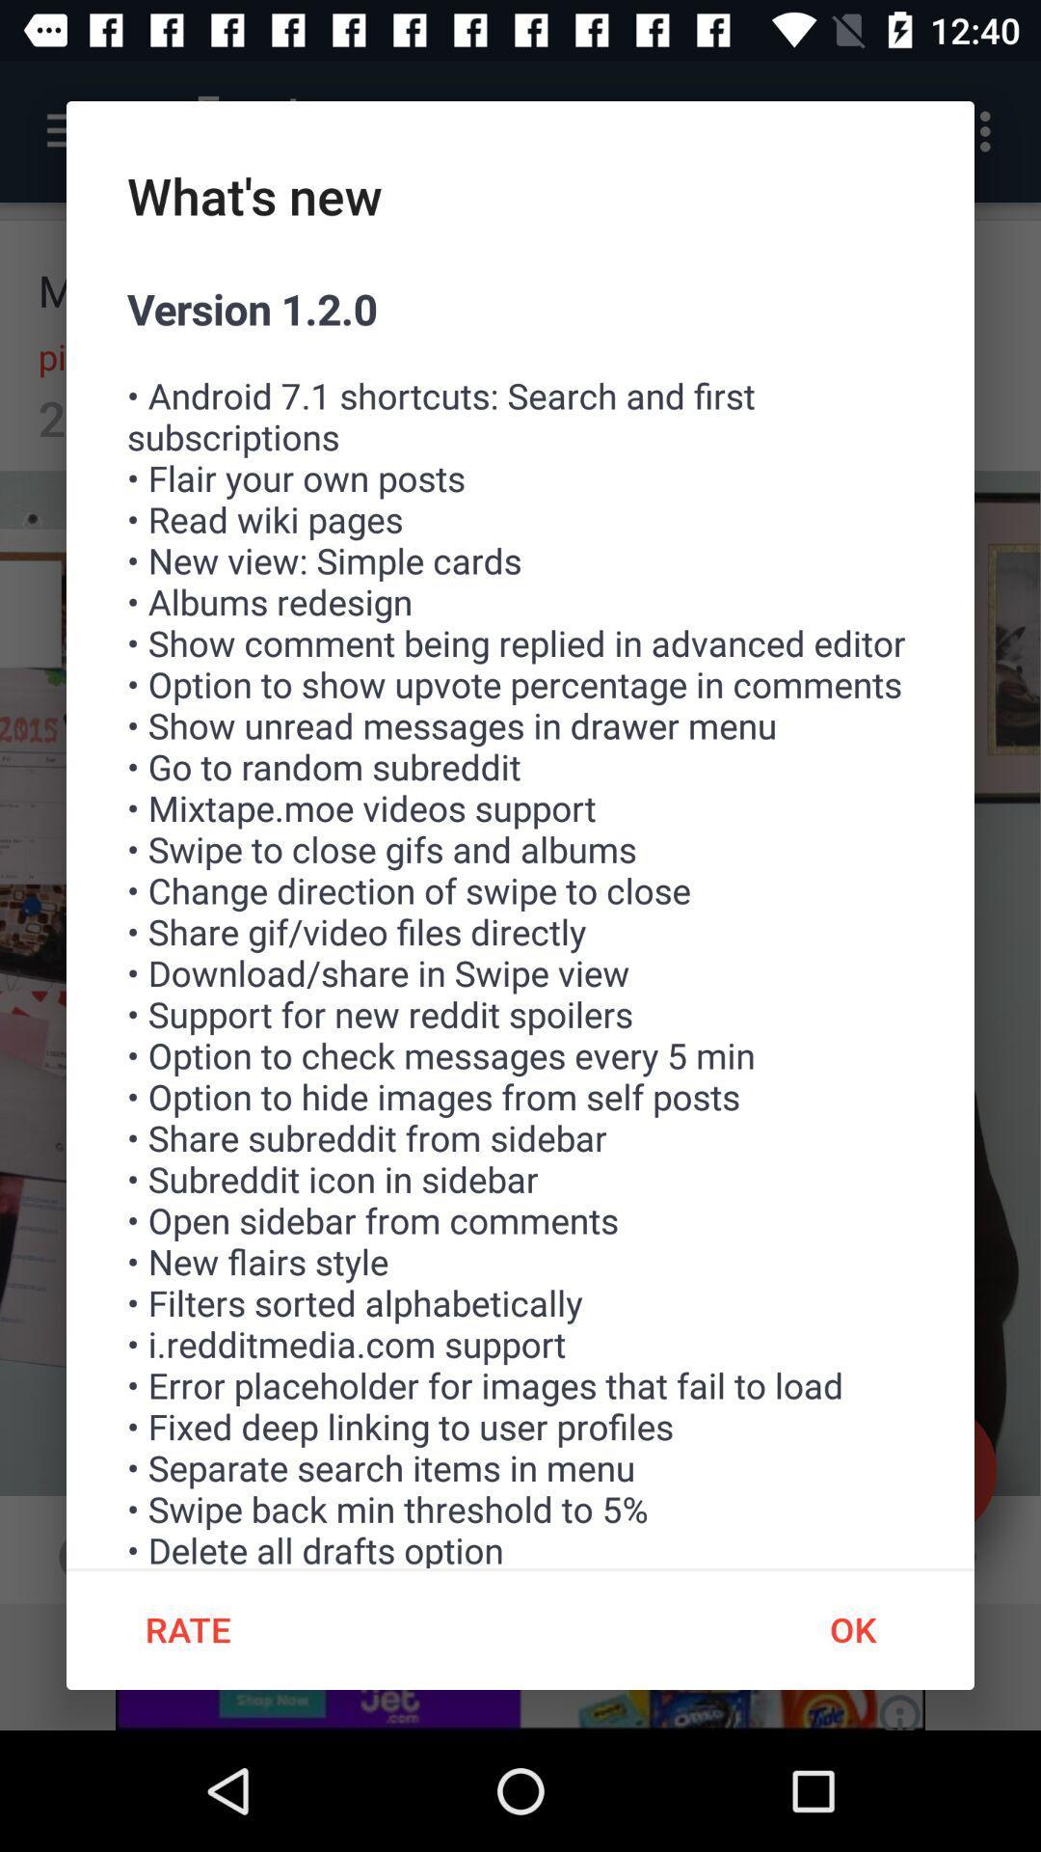 This screenshot has width=1041, height=1852. Describe the element at coordinates (851, 1628) in the screenshot. I see `the ok icon` at that location.